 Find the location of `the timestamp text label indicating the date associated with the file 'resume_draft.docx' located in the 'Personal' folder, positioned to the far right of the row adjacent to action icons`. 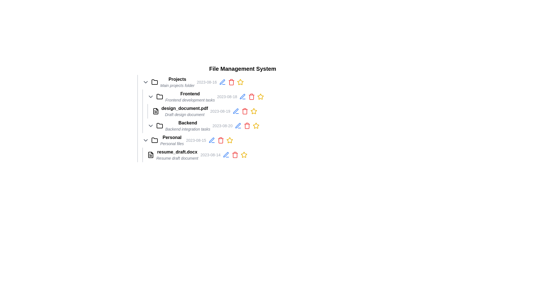

the timestamp text label indicating the date associated with the file 'resume_draft.docx' located in the 'Personal' folder, positioned to the far right of the row adjacent to action icons is located at coordinates (210, 155).